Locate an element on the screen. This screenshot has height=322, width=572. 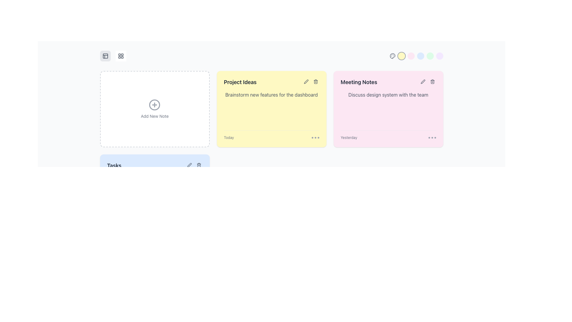
text from the Text label that serves as a section title or label, indicating the purpose of the content area, located at the bottom-left area of the interface is located at coordinates (114, 165).